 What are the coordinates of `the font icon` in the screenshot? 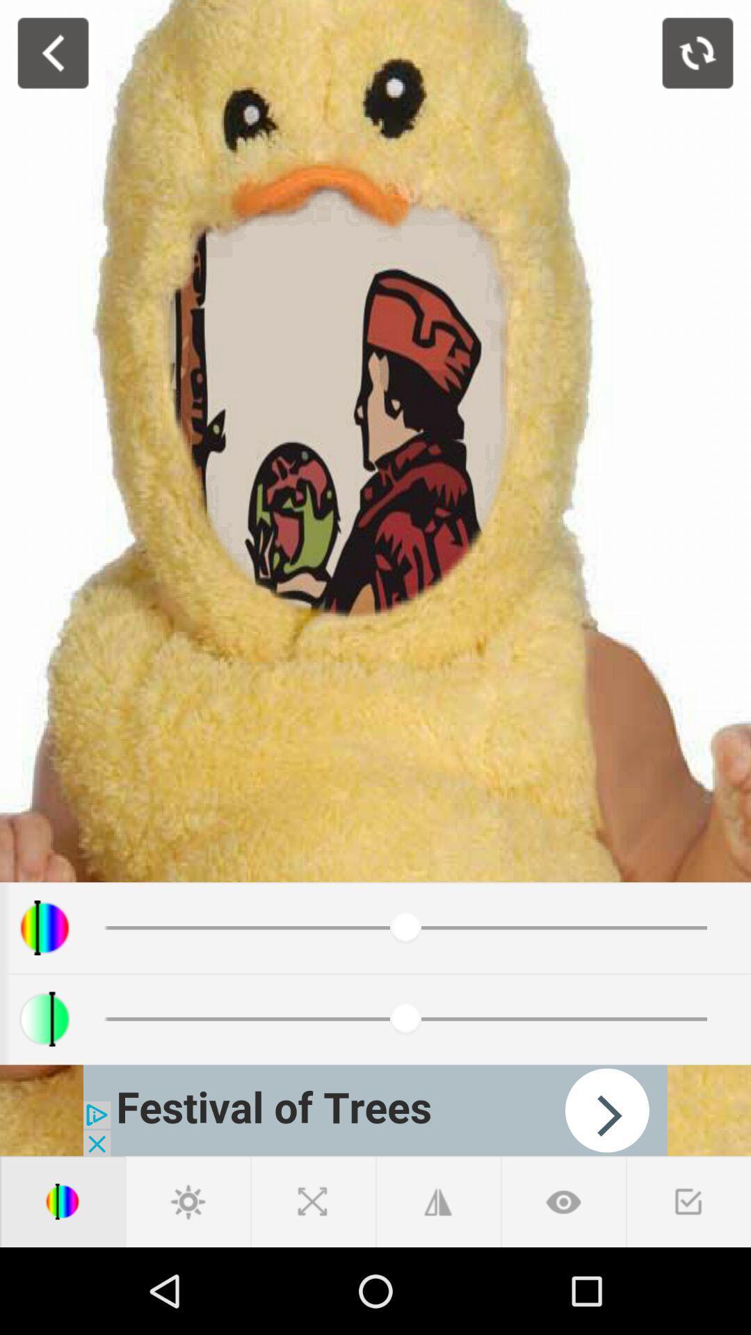 It's located at (437, 1201).